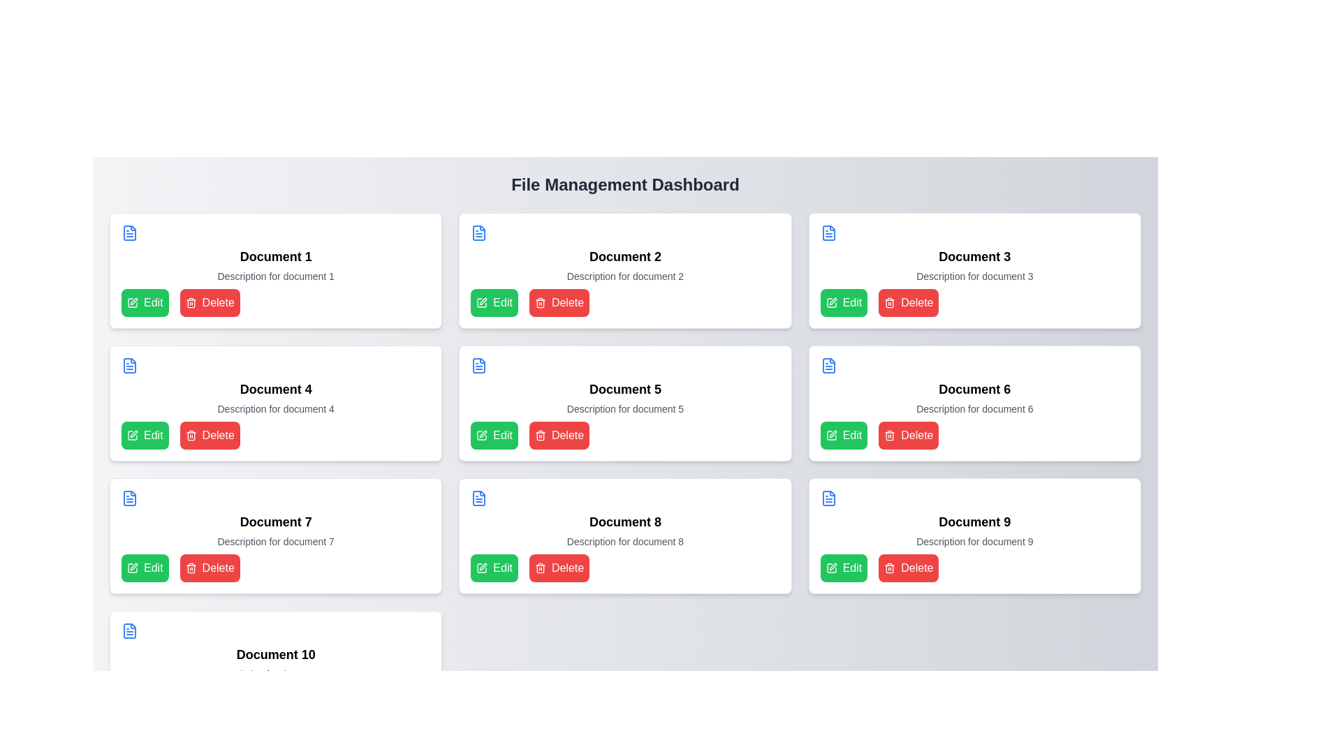  What do you see at coordinates (828, 365) in the screenshot?
I see `the document icon located at the top-left corner of the 'Document 6' card` at bounding box center [828, 365].